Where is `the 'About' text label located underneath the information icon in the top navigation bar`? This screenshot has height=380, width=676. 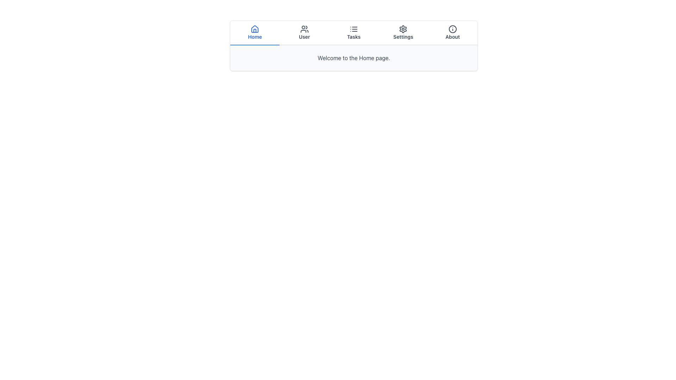
the 'About' text label located underneath the information icon in the top navigation bar is located at coordinates (452, 37).